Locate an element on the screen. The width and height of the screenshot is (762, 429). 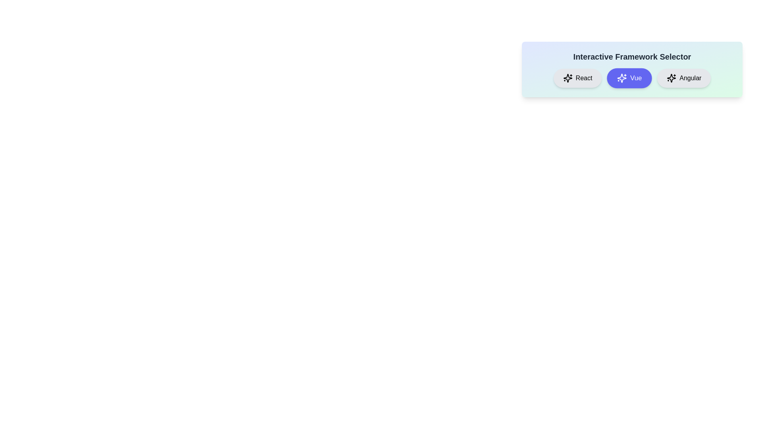
the chip labeled Vue is located at coordinates (629, 78).